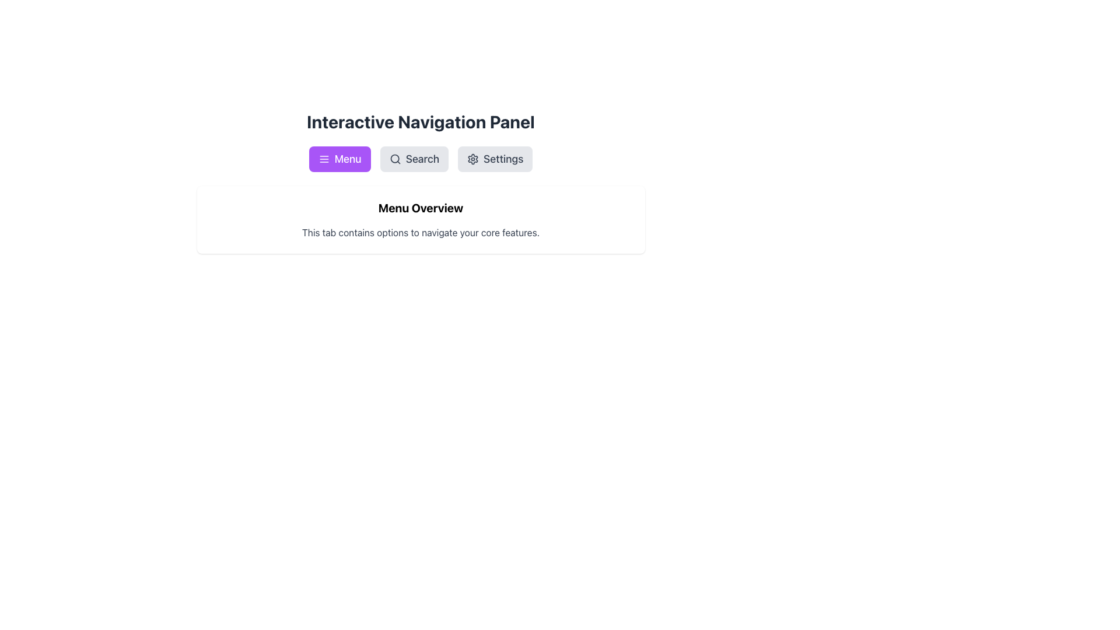  I want to click on the 'Search' button with a light gray background, slightly rounded corners, and a search icon, located beneath the title 'Interactive Navigation Panel', so click(414, 159).